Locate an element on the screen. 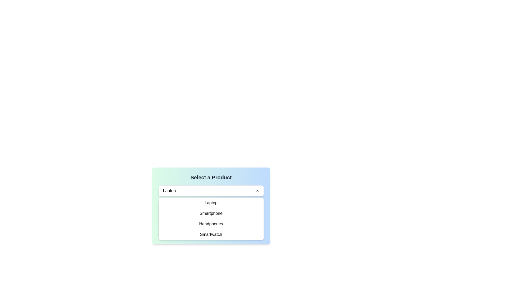  the 'Laptop' dropdown menu item is located at coordinates (211, 205).